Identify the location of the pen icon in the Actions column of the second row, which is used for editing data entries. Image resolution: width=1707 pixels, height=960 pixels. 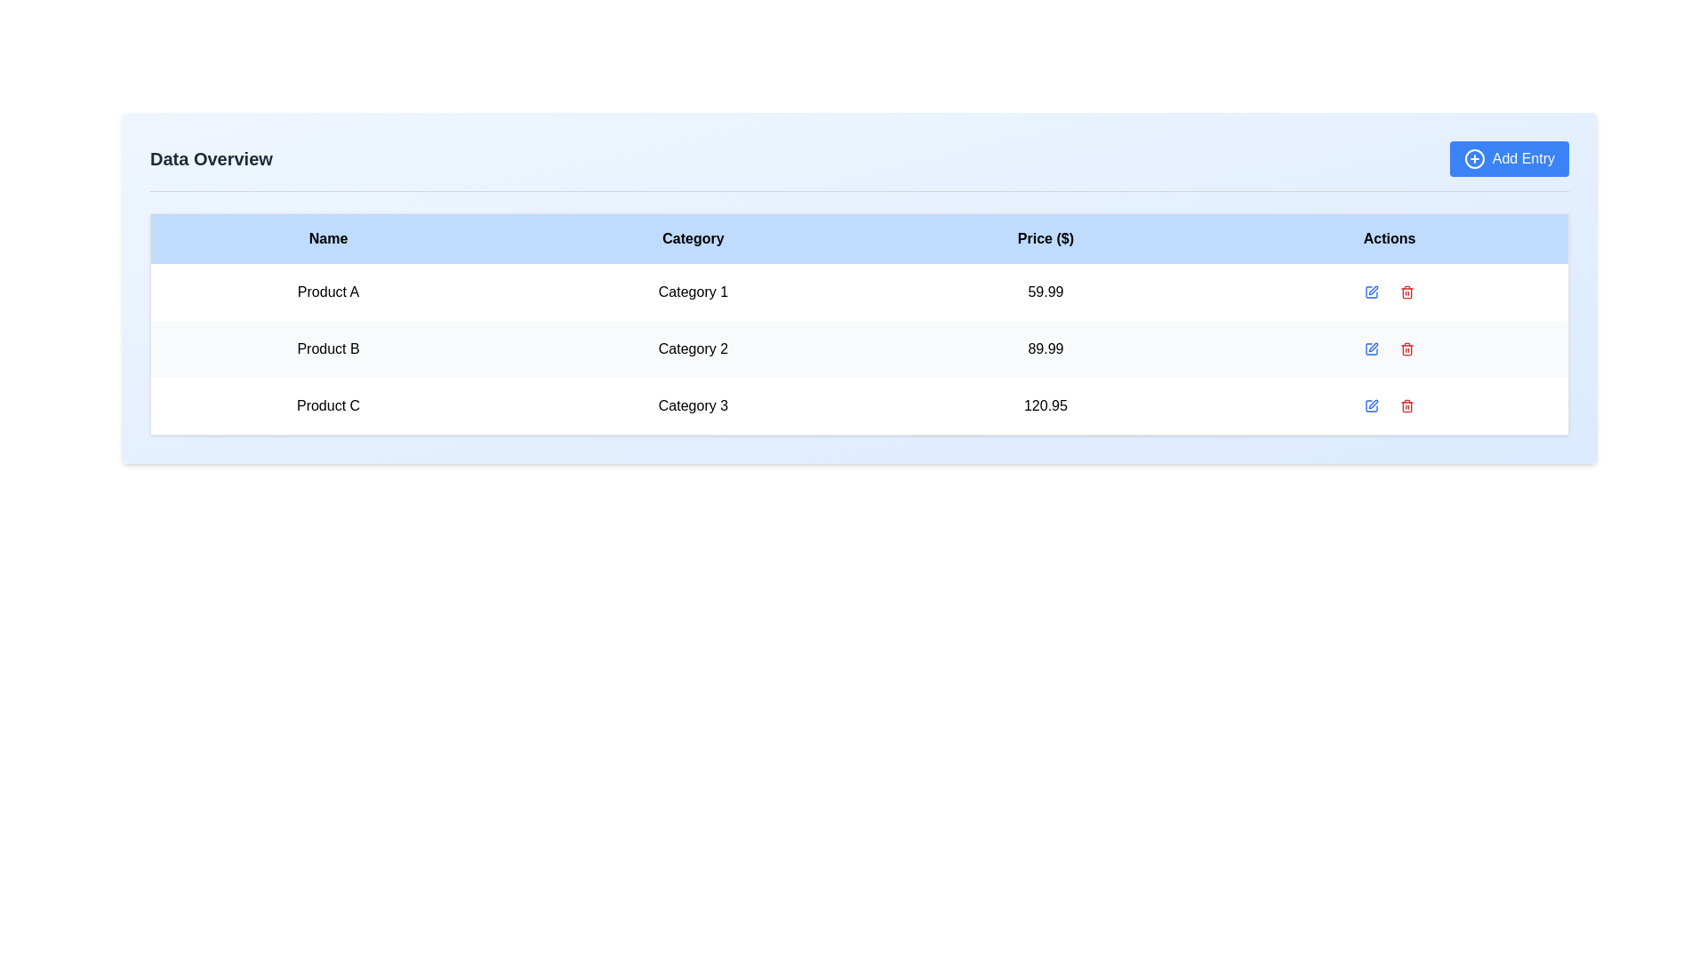
(1373, 347).